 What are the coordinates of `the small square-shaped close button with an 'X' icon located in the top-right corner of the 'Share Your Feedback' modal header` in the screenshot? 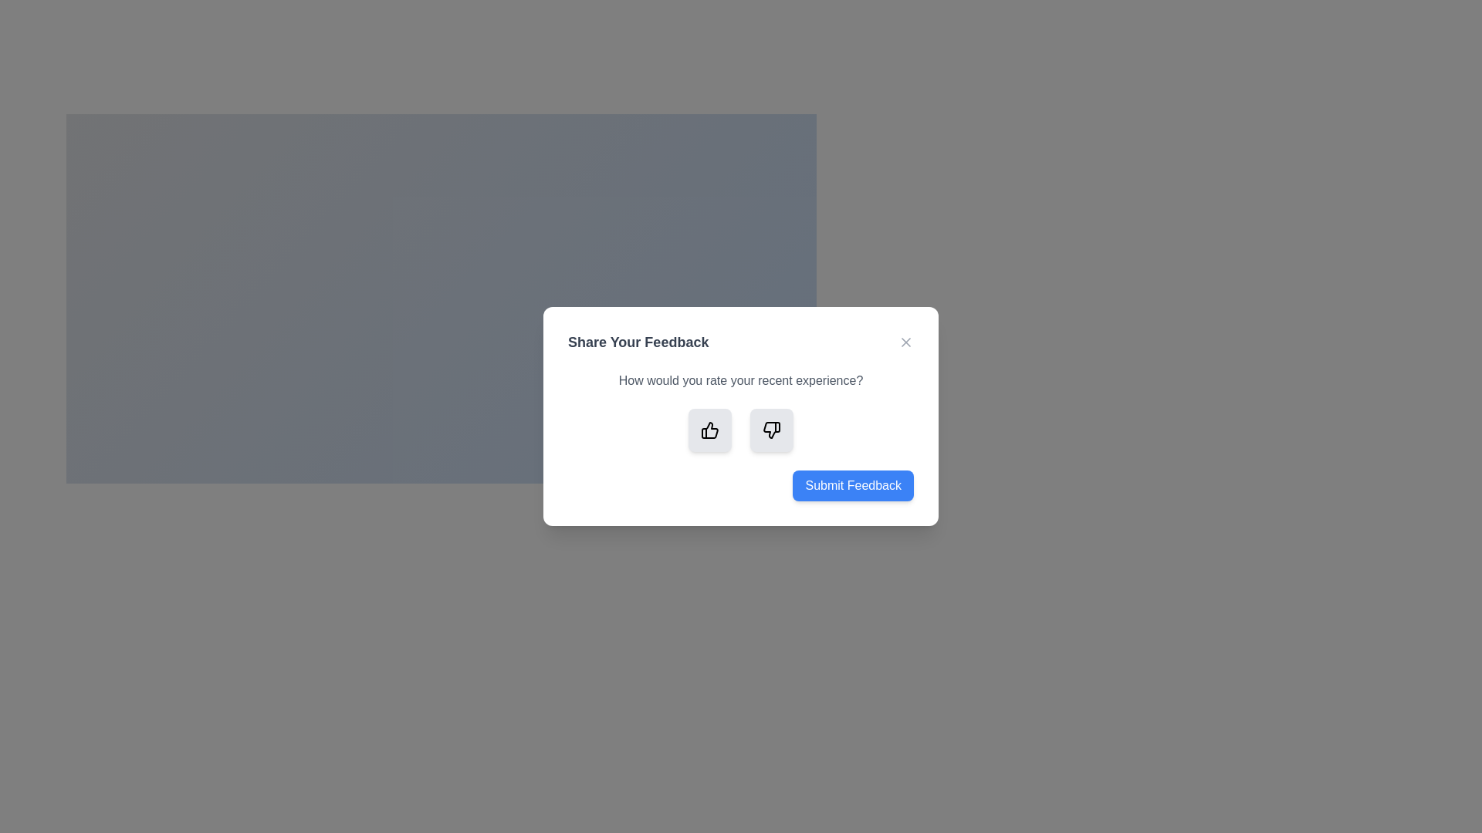 It's located at (906, 341).